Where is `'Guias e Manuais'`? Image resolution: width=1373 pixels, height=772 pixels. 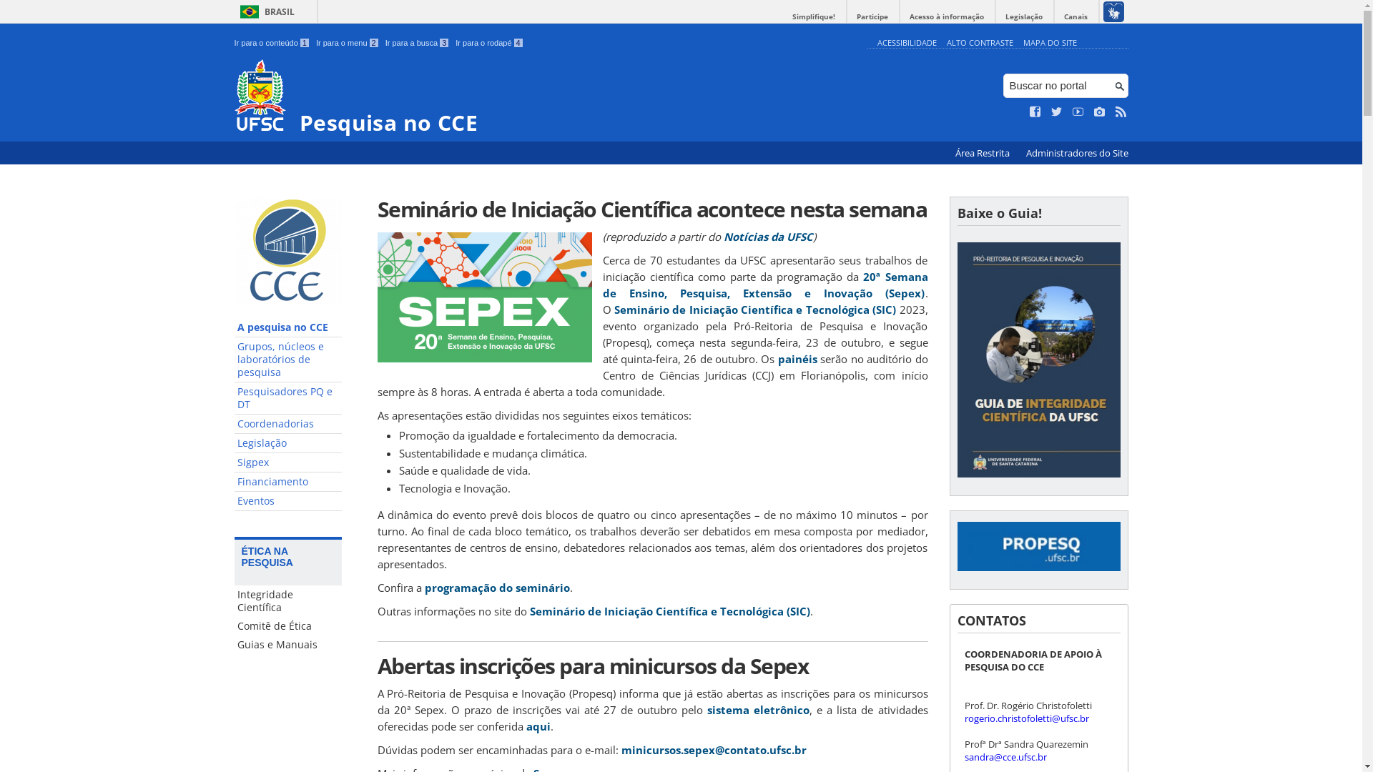
'Guias e Manuais' is located at coordinates (287, 645).